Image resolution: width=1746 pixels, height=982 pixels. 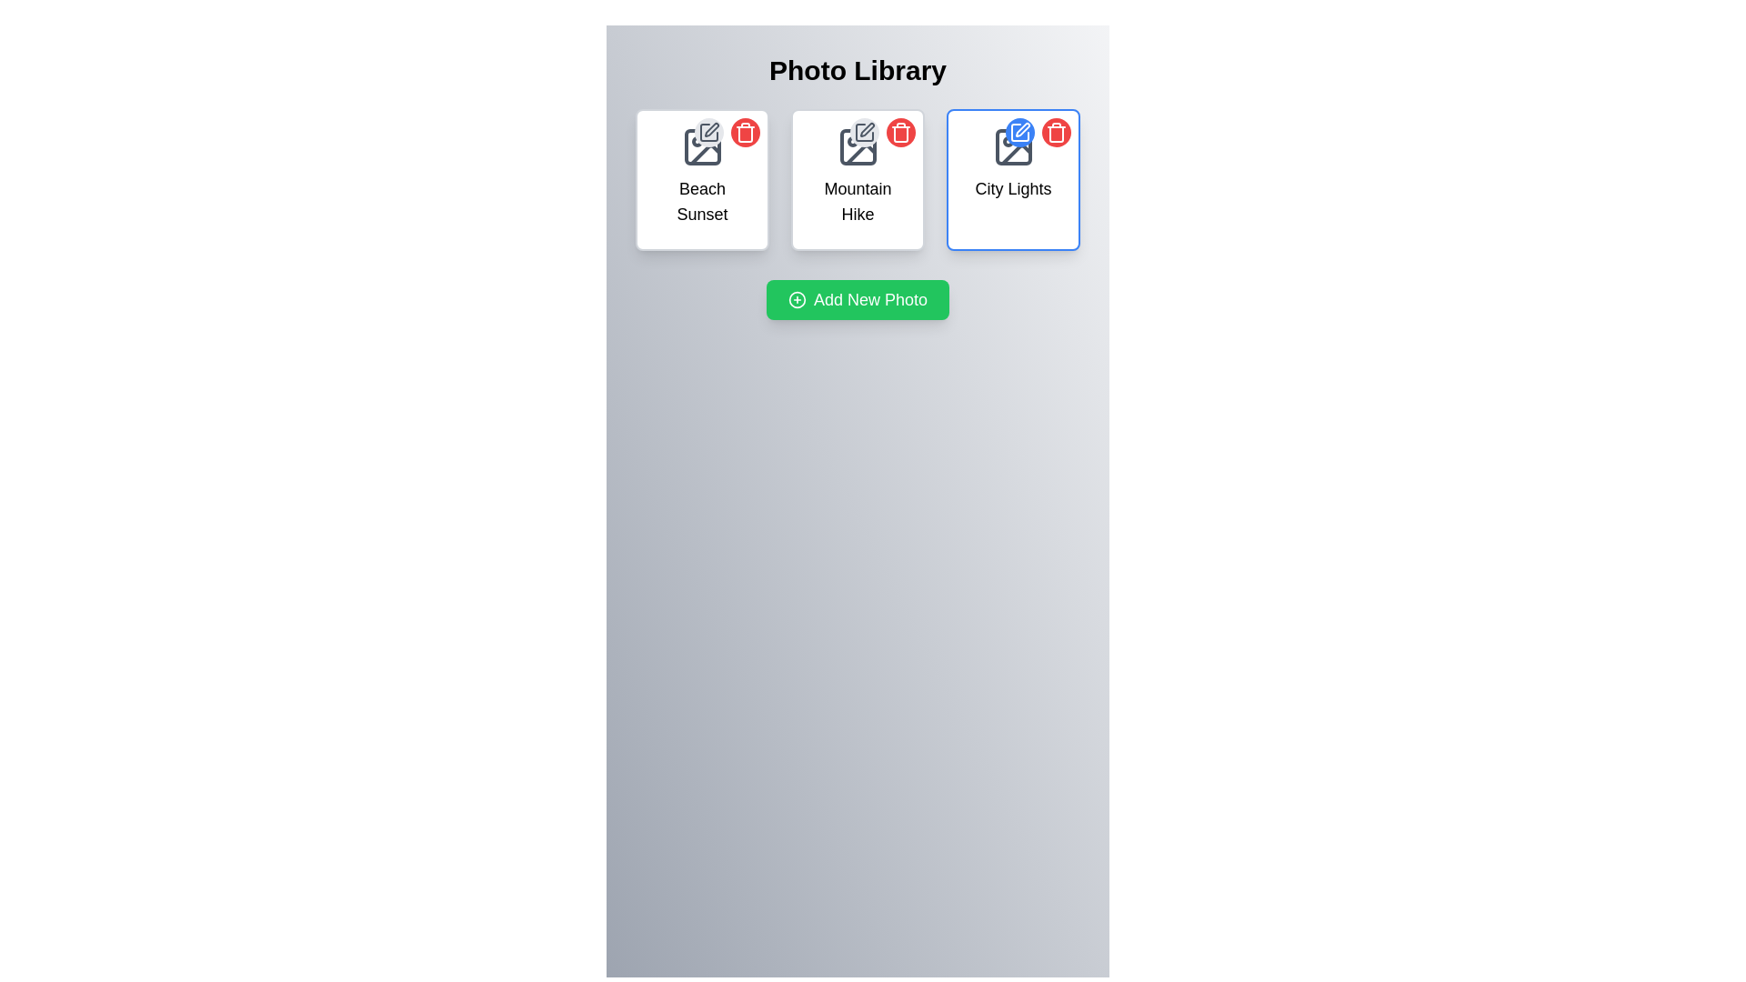 I want to click on the rectangular visual element with rounded corners in the 'Beach Sunset' photo card icon located in the top-left corner of the card, so click(x=701, y=146).